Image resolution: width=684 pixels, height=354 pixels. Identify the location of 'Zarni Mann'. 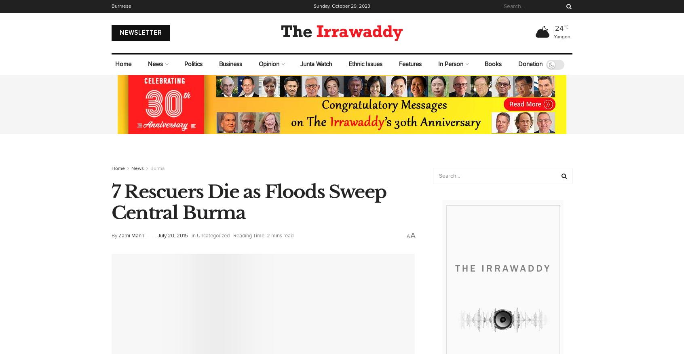
(131, 236).